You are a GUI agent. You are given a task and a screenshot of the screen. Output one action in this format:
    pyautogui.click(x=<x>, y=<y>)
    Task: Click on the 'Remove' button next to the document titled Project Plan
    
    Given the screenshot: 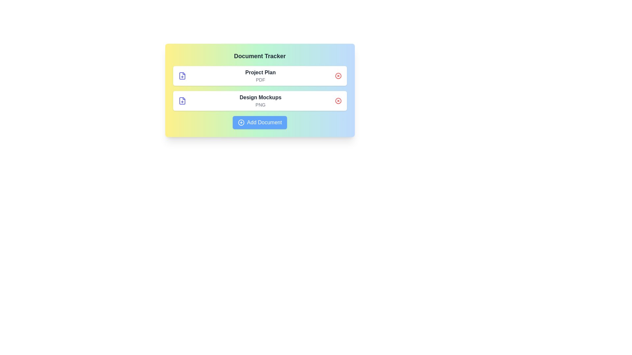 What is the action you would take?
    pyautogui.click(x=338, y=76)
    